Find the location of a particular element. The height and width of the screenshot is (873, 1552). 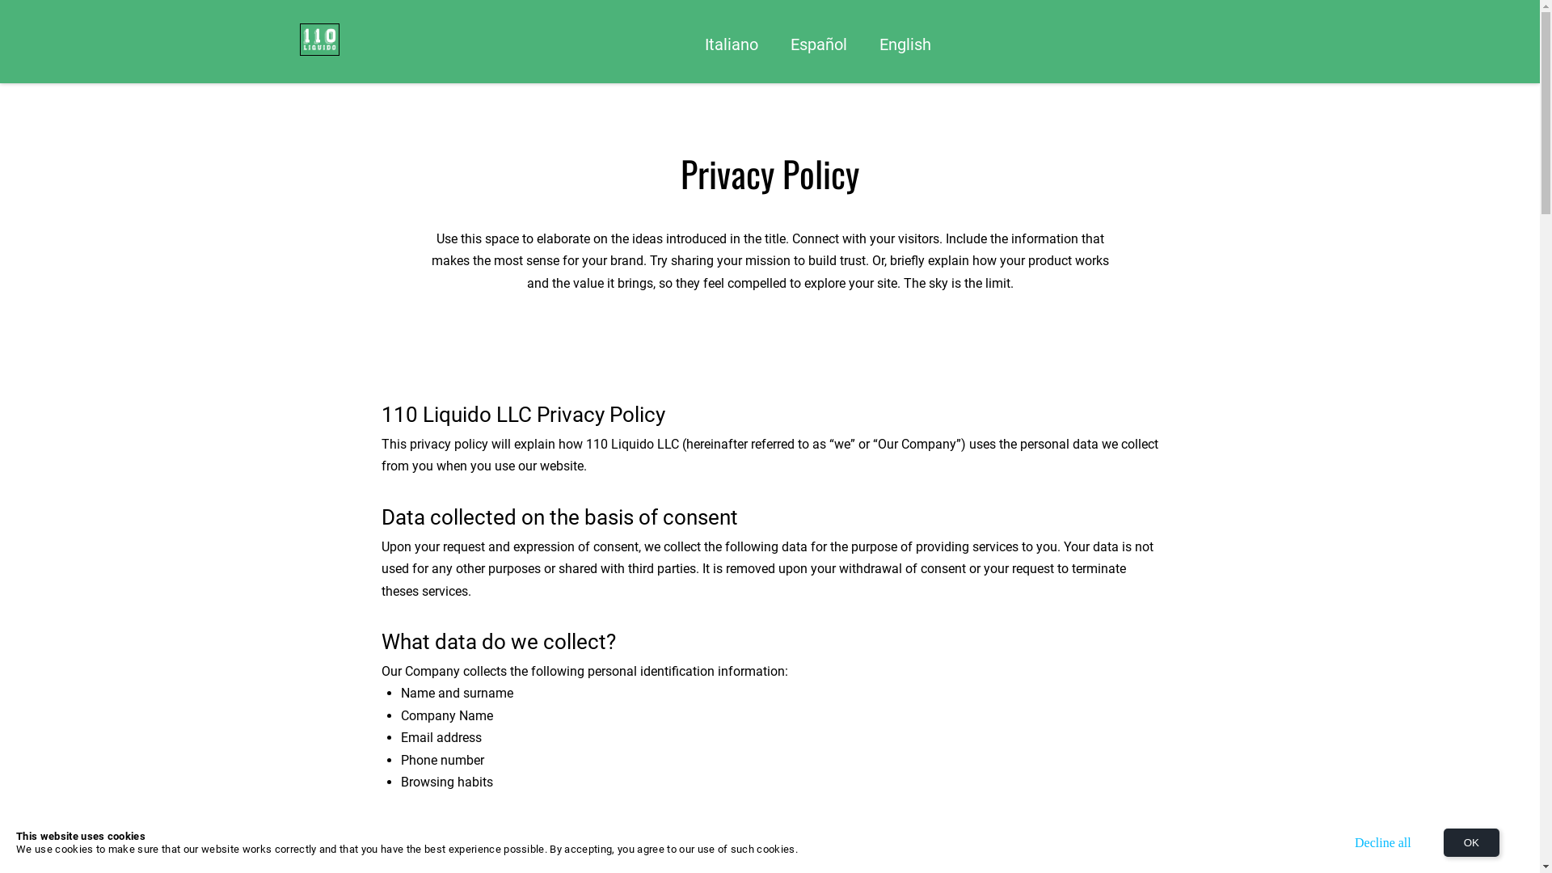

'Italiano' is located at coordinates (731, 44).